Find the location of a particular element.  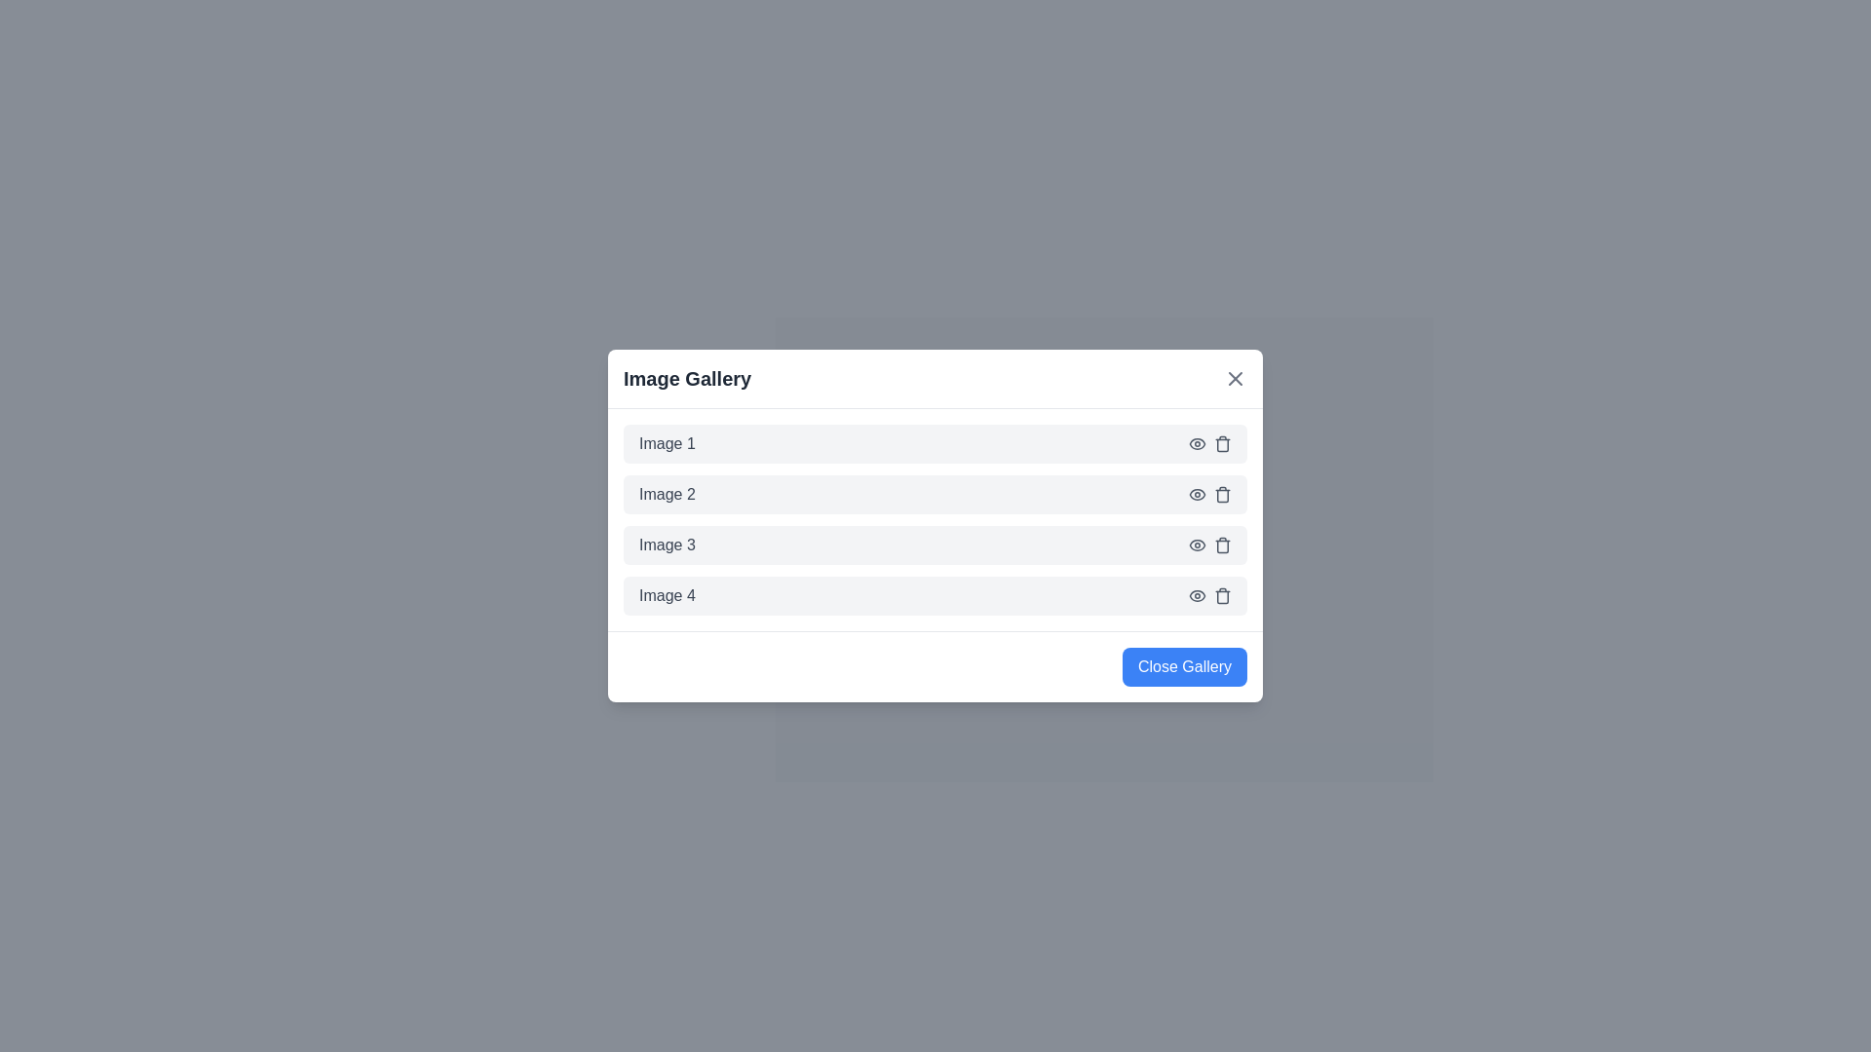

the static text header indicating the image gallery content at the top-left corner of the modal interface is located at coordinates (687, 379).